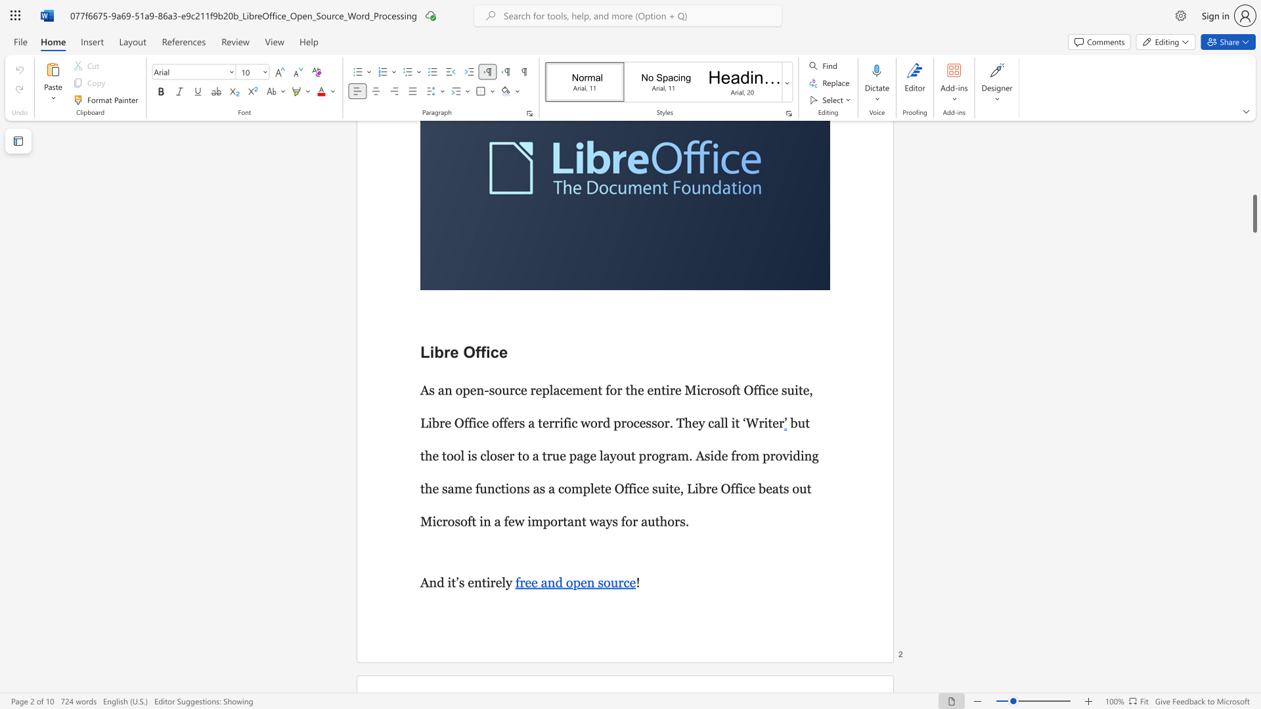  I want to click on the 1th character "-" in the text, so click(486, 389).